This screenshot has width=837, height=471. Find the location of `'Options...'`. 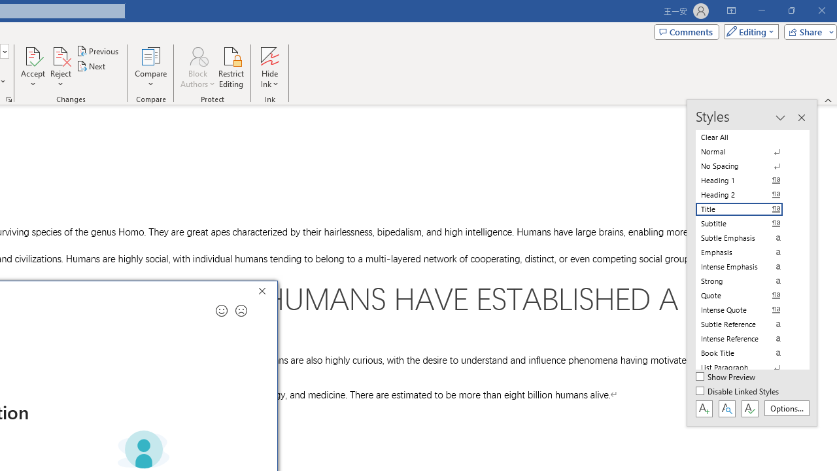

'Options...' is located at coordinates (786, 407).